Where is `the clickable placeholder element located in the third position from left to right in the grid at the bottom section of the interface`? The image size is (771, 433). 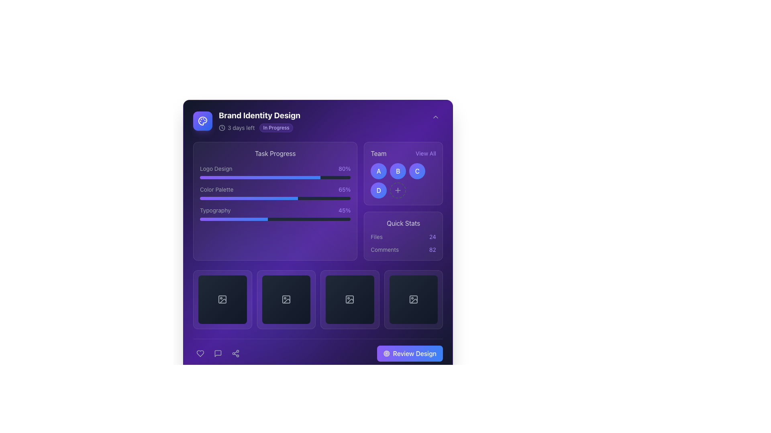 the clickable placeholder element located in the third position from left to right in the grid at the bottom section of the interface is located at coordinates (350, 299).